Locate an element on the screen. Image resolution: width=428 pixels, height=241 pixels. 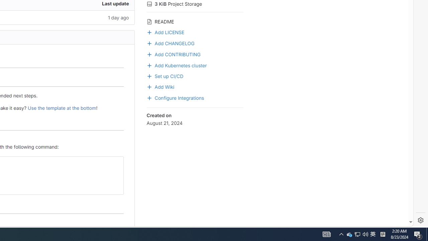
'Configure Integrations' is located at coordinates (195, 97).